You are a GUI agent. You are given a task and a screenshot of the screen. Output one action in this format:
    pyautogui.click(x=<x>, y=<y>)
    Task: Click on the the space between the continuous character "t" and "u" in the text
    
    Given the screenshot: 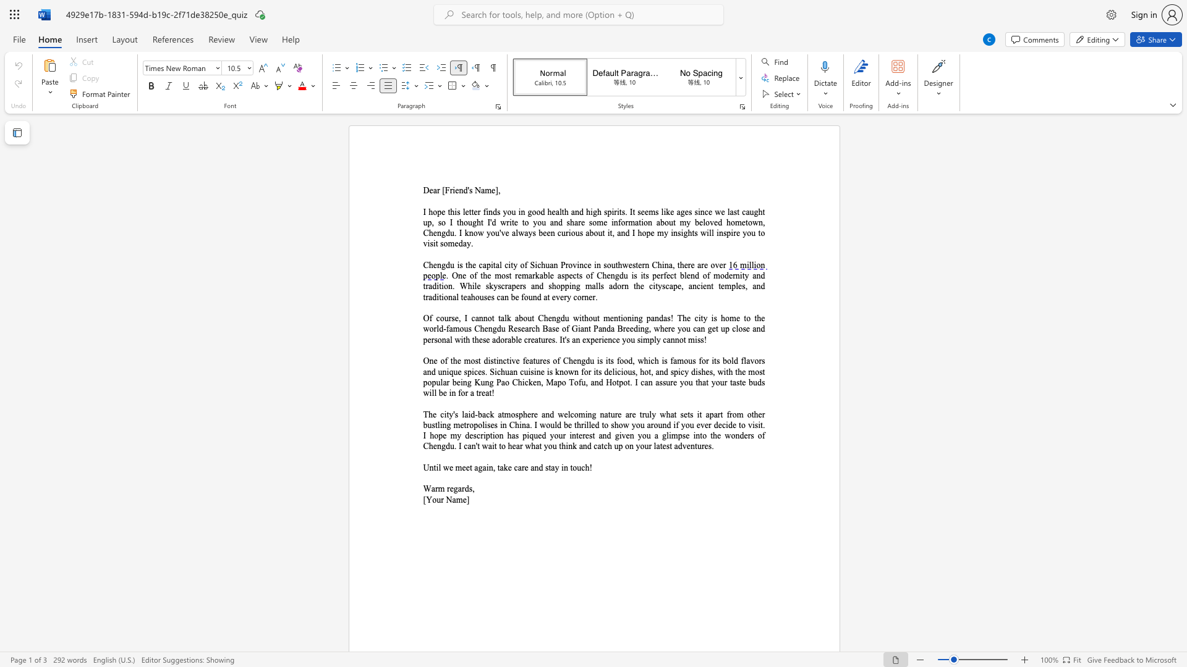 What is the action you would take?
    pyautogui.click(x=697, y=446)
    